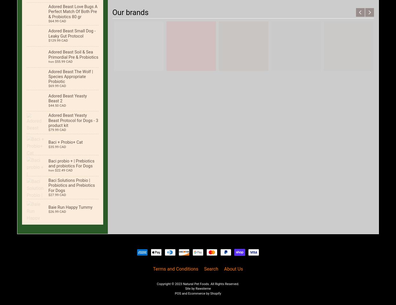  Describe the element at coordinates (175, 268) in the screenshot. I see `'Terms and Conditions'` at that location.